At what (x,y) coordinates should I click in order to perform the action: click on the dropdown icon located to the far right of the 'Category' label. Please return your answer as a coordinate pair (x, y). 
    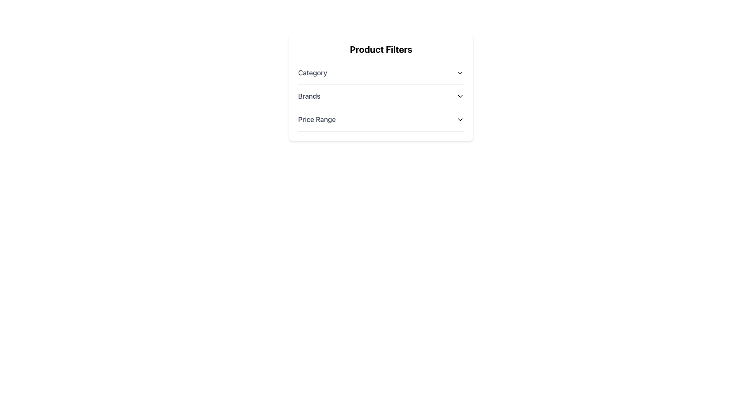
    Looking at the image, I should click on (460, 73).